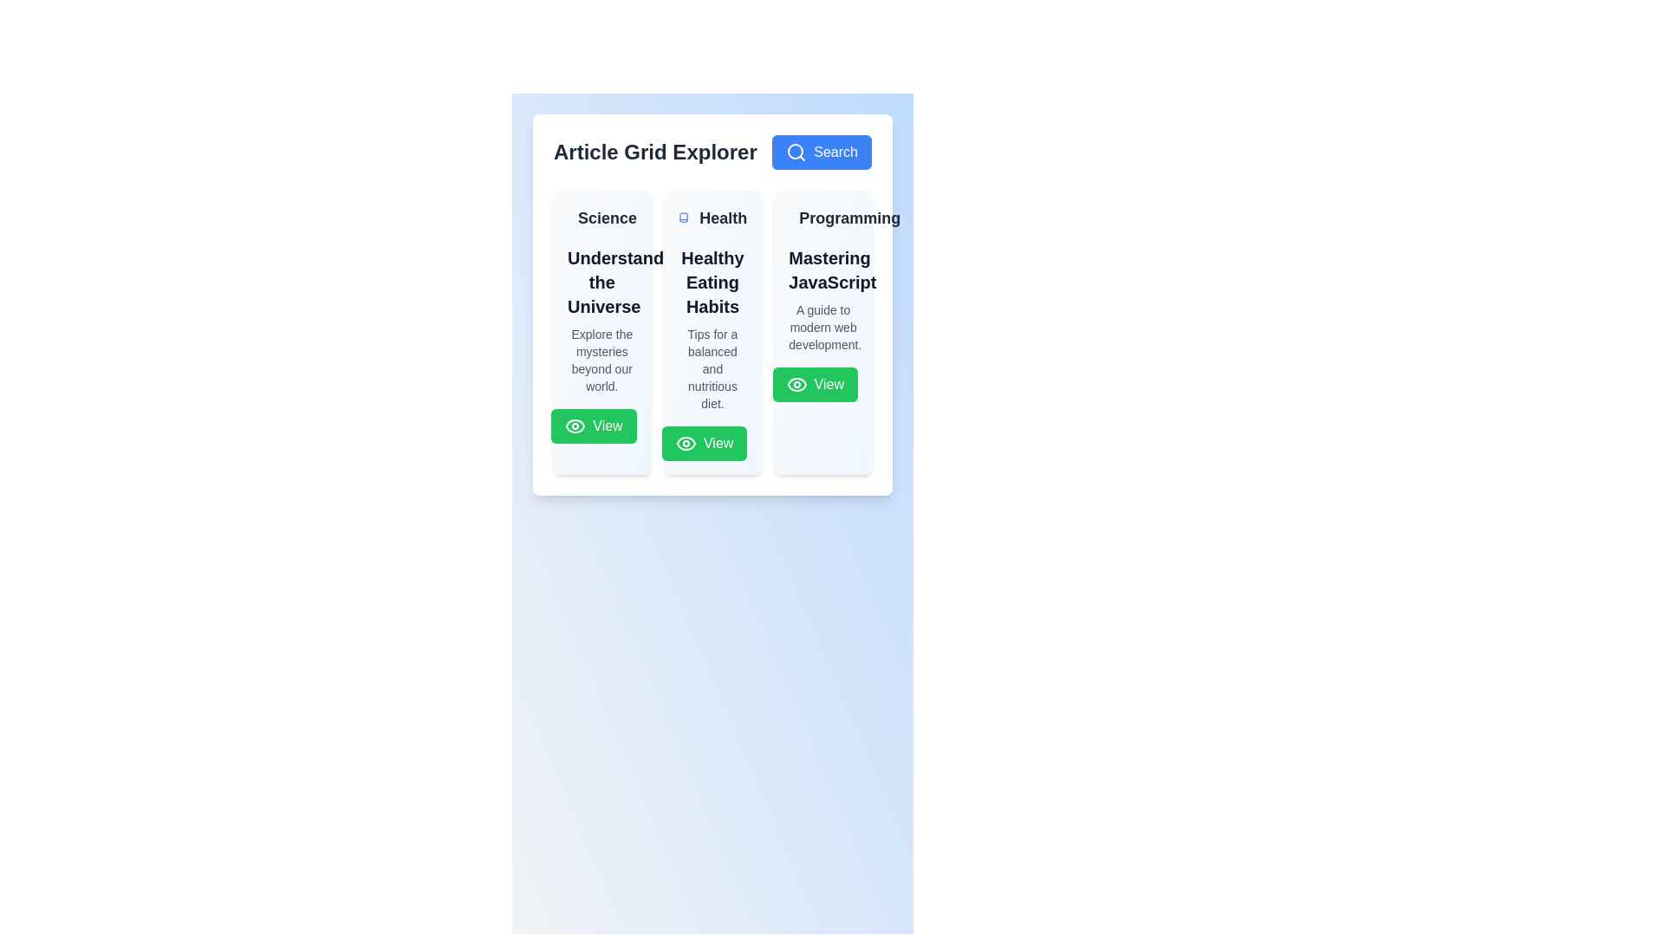  I want to click on the search button by clicking on the center of the magnifying glass icon, which contains a circular element representing the center of the magnifying glass, so click(795, 150).